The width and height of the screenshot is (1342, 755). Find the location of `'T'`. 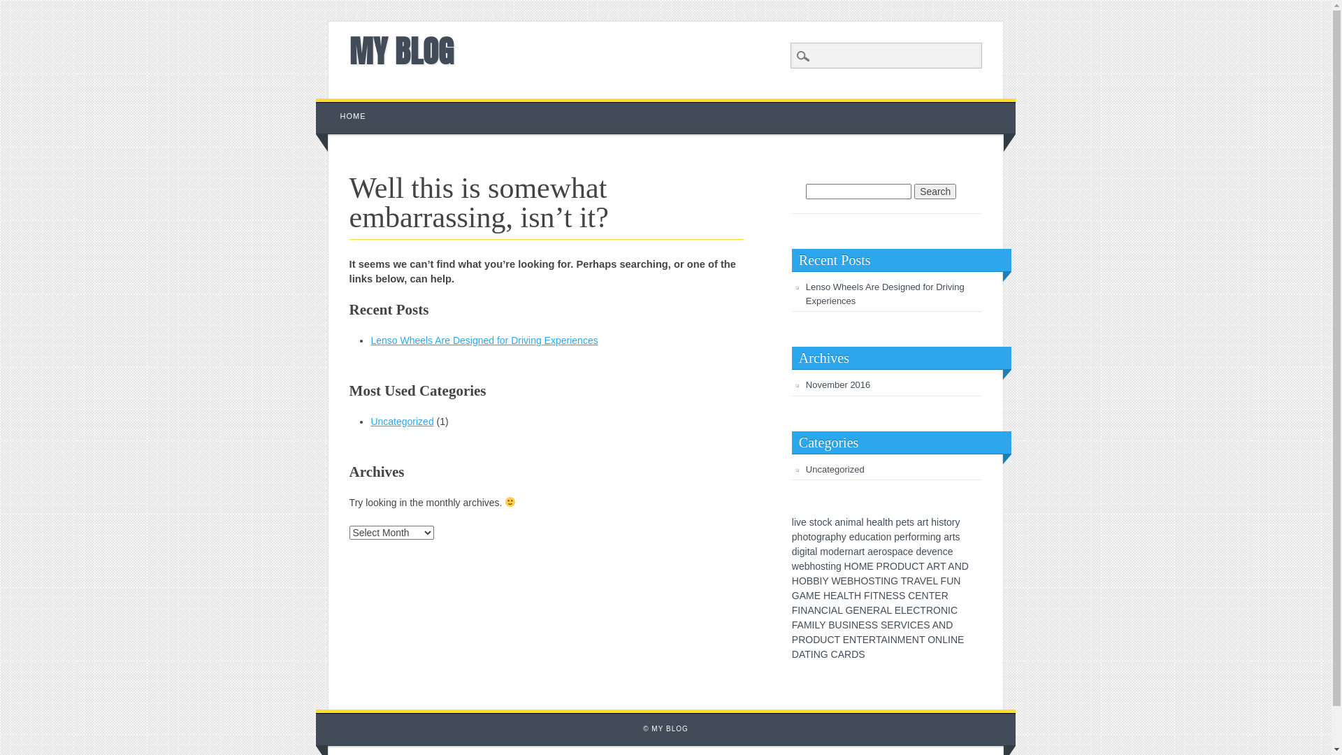

'T' is located at coordinates (921, 566).